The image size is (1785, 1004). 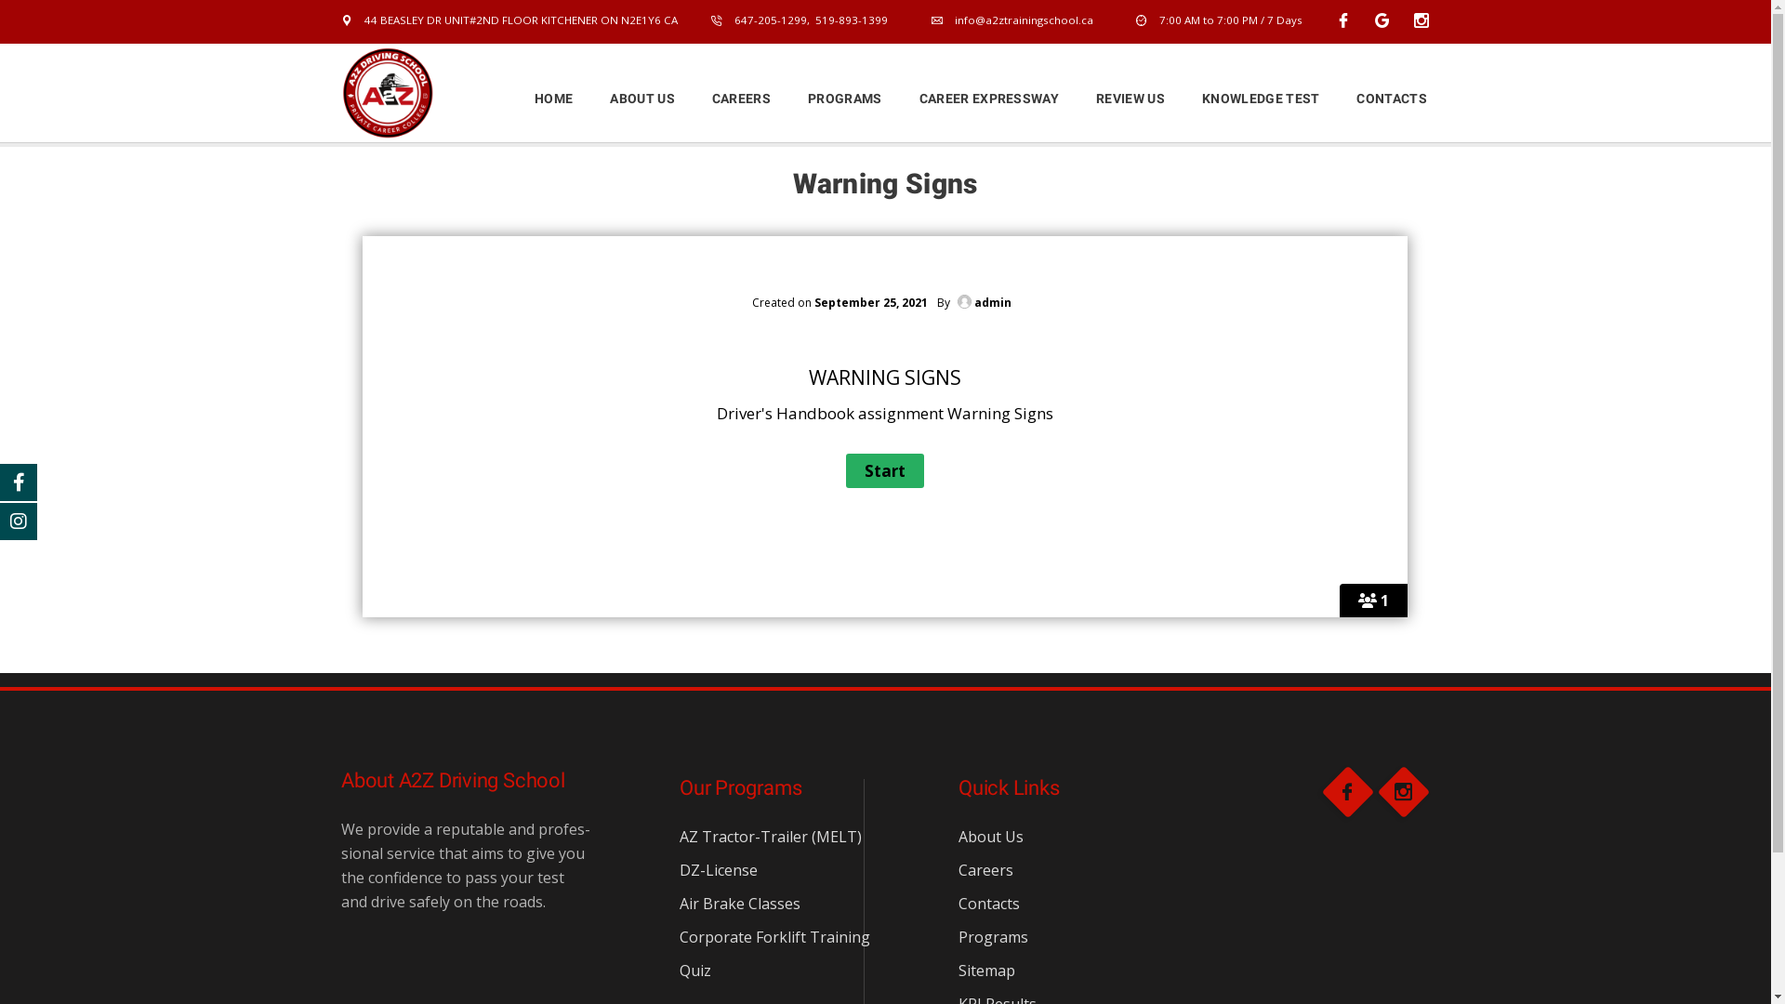 I want to click on 'info@a2ztrainingschool.ca', so click(x=1011, y=20).